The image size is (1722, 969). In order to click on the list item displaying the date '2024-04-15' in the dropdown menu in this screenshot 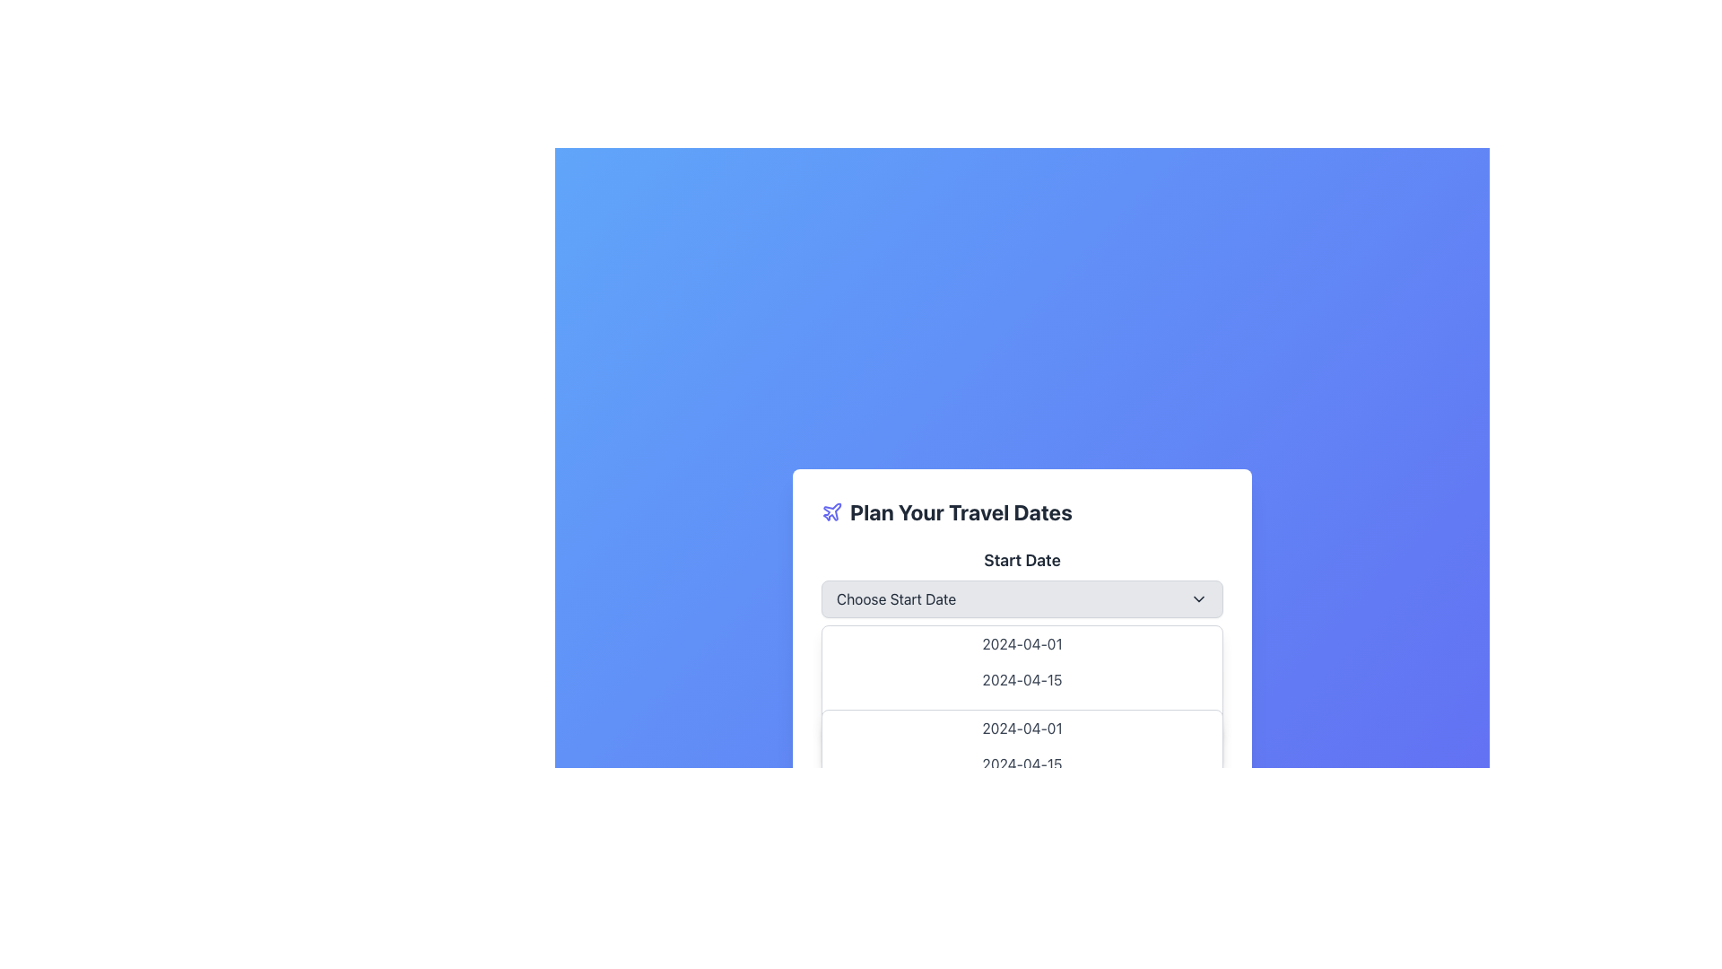, I will do `click(1022, 764)`.